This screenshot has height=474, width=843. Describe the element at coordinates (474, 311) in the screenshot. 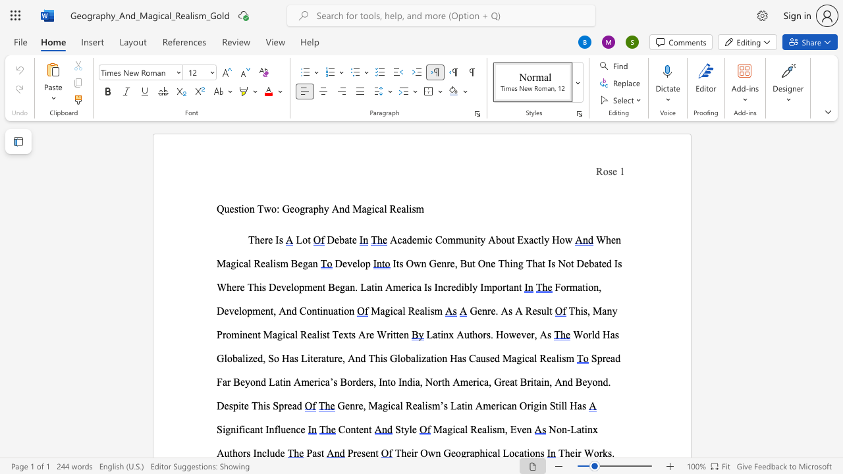

I see `the 1th character "G" in the text` at that location.